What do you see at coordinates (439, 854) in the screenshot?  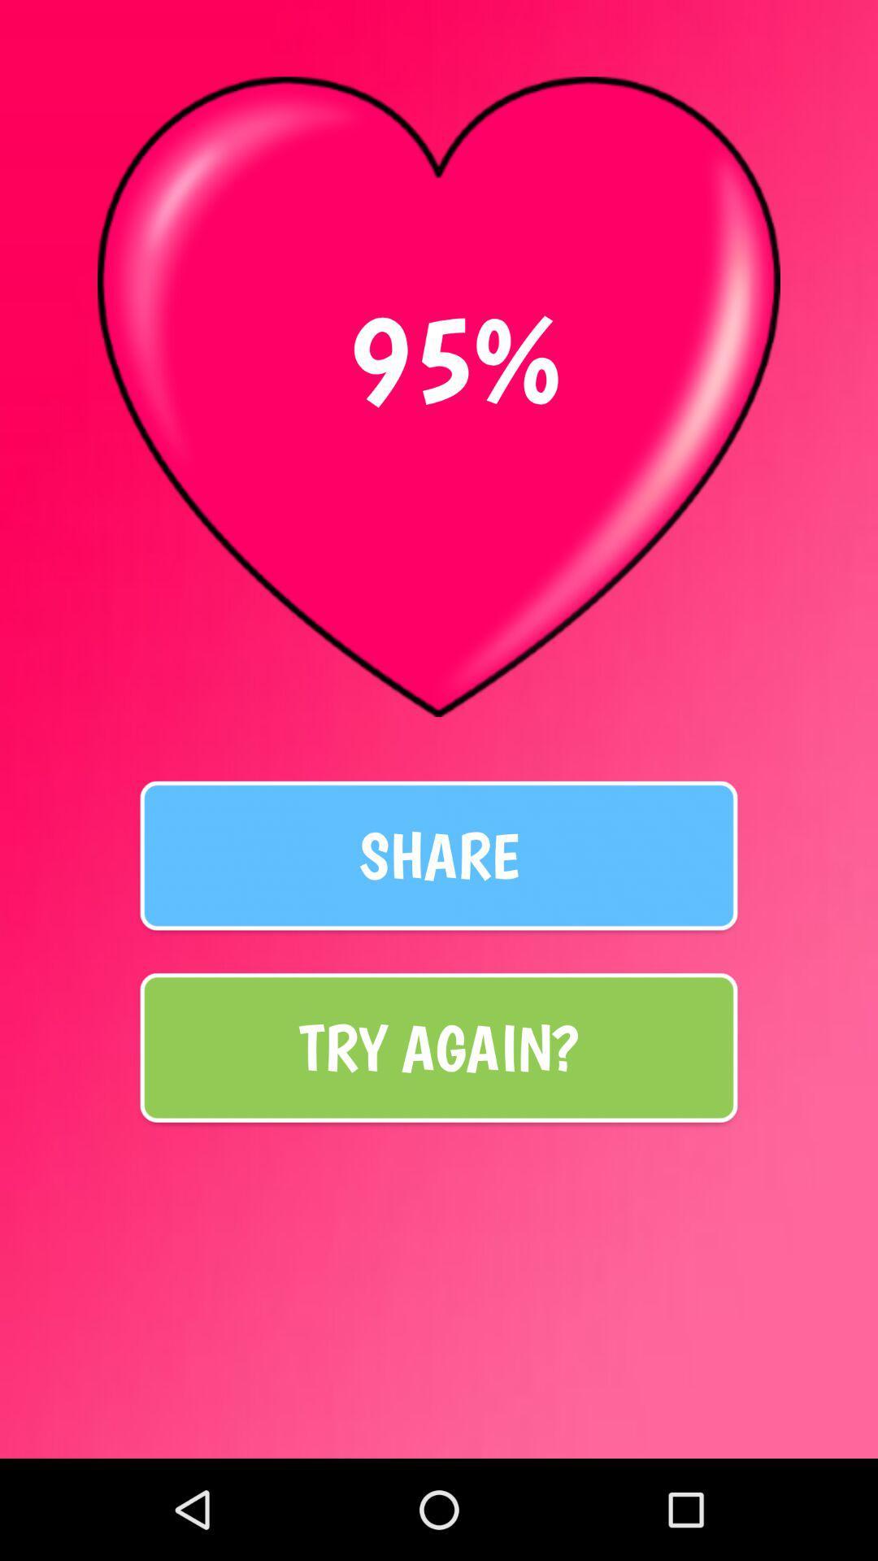 I see `the share at the center` at bounding box center [439, 854].